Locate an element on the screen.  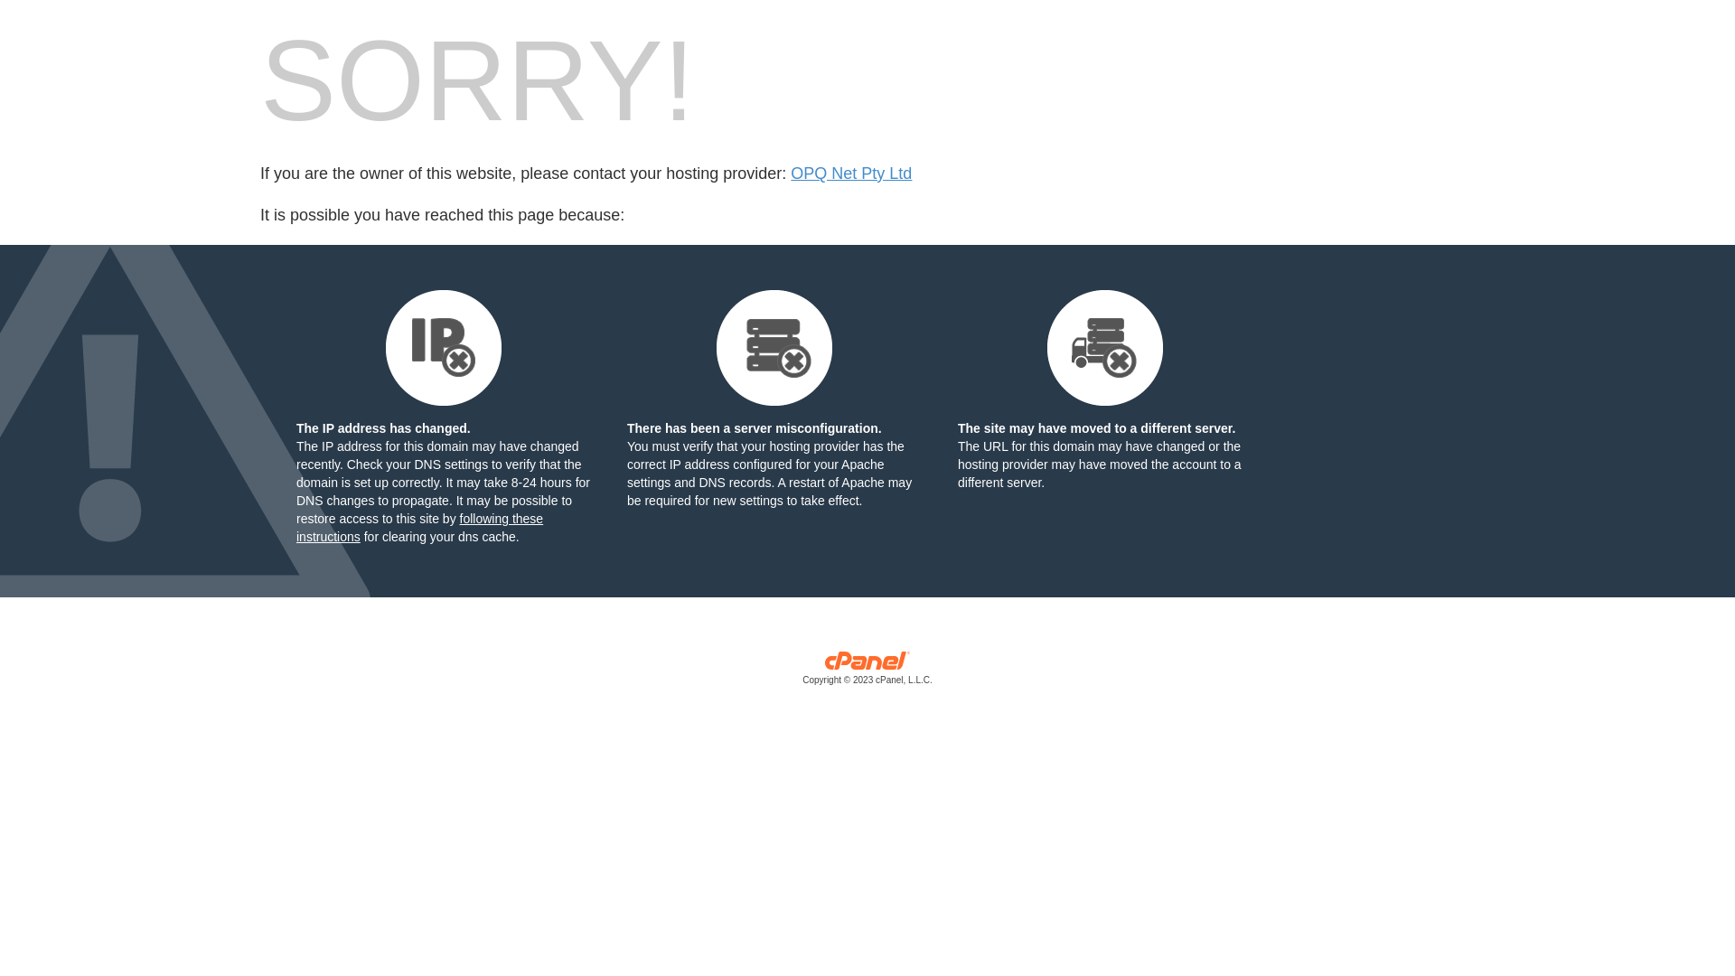
'OPQ Net Pty Ltd' is located at coordinates (849, 174).